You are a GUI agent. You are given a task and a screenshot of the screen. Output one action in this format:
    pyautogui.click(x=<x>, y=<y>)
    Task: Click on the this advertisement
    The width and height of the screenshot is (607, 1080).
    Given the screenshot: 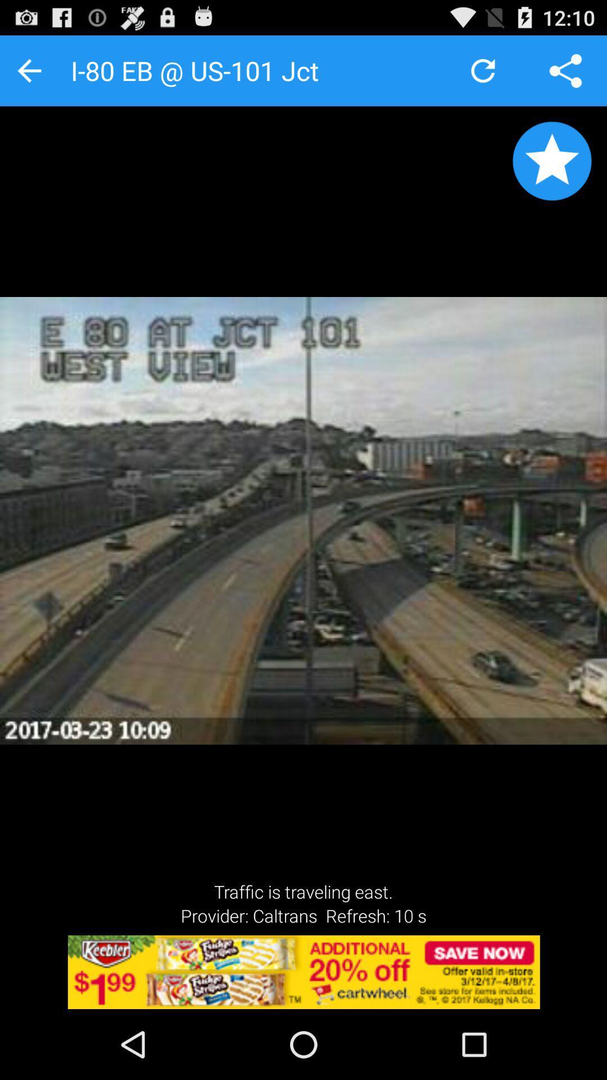 What is the action you would take?
    pyautogui.click(x=303, y=971)
    